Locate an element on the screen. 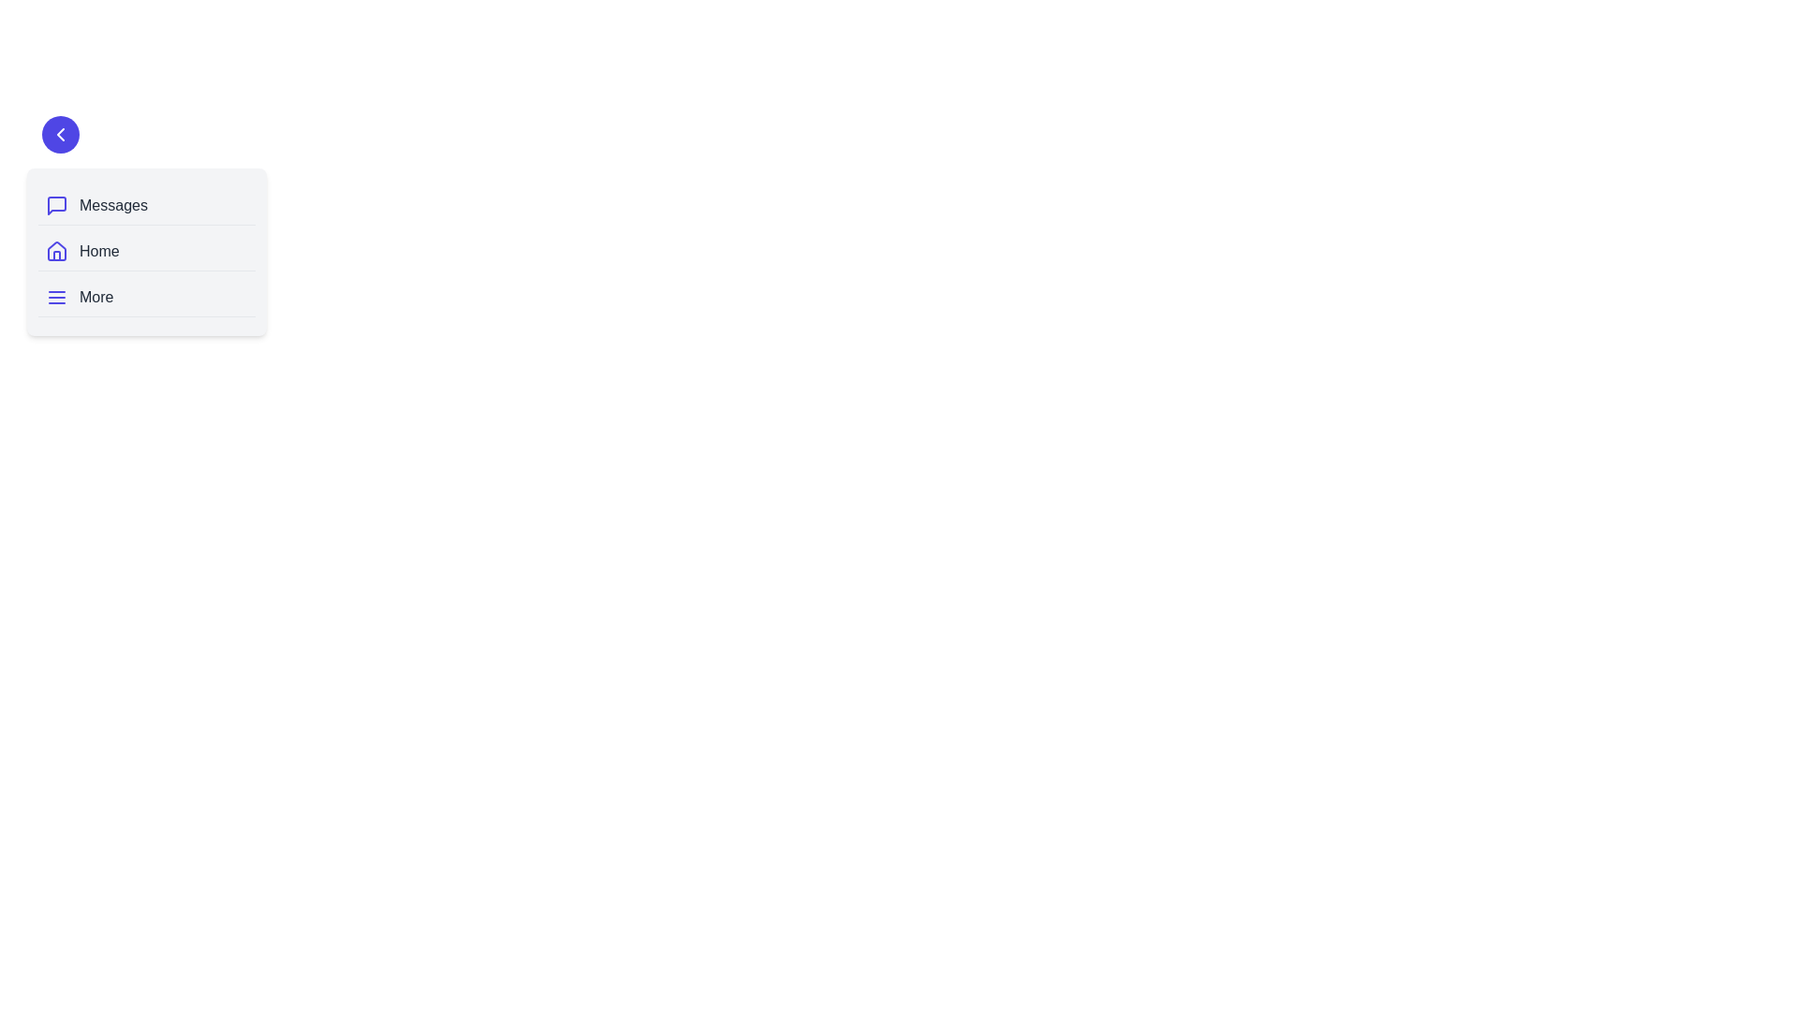 The image size is (1798, 1011). the icon labeled 'Messages' is located at coordinates (57, 205).